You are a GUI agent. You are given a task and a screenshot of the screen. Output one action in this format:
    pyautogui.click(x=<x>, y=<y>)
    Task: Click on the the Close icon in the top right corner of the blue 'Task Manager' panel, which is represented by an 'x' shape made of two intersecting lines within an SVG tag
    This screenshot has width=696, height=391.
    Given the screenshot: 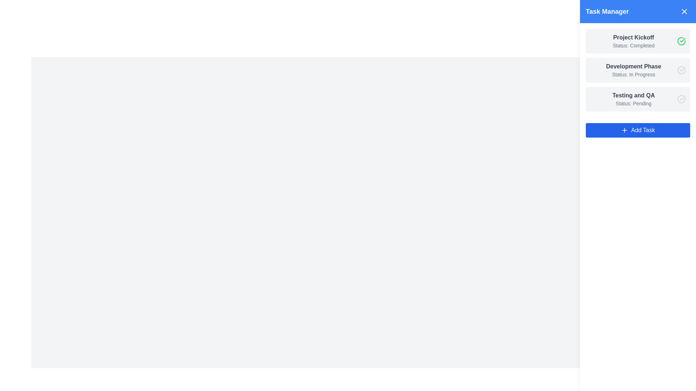 What is the action you would take?
    pyautogui.click(x=684, y=11)
    